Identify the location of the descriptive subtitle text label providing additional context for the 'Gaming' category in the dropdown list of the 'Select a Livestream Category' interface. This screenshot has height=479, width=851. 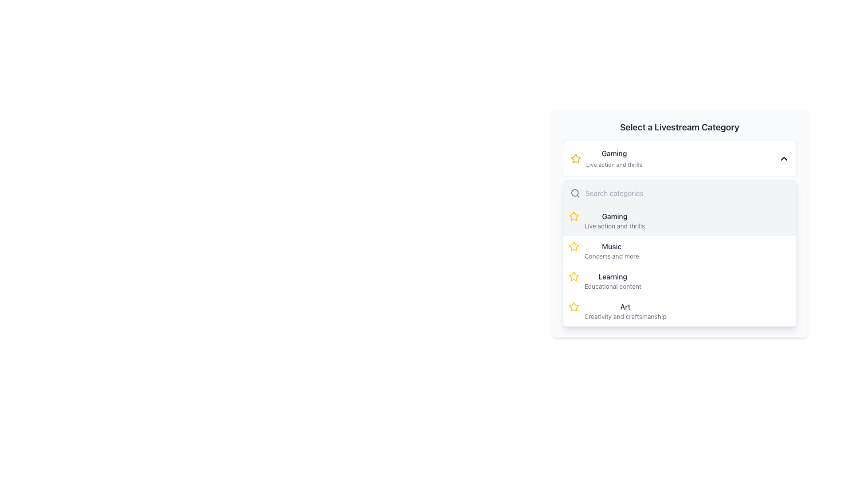
(613, 165).